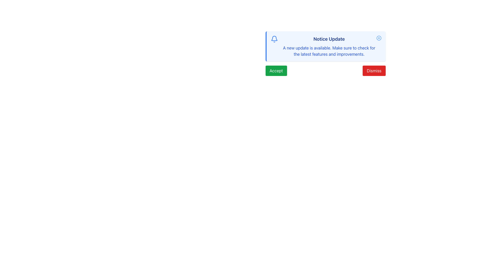  Describe the element at coordinates (379, 38) in the screenshot. I see `the small circular blue 'close' button located at the top-right corner of the notification box adjacent to the title 'Notice Update'` at that location.